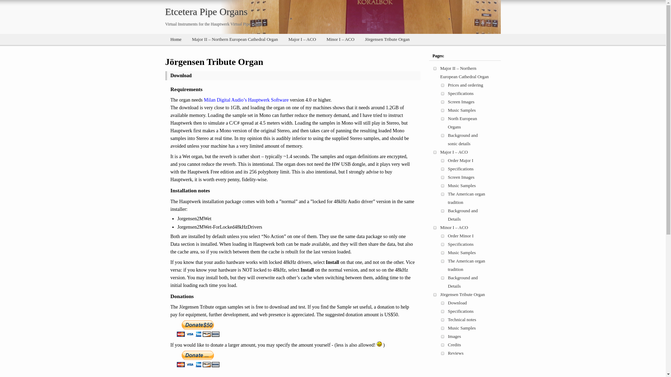  Describe the element at coordinates (463, 214) in the screenshot. I see `'Background and Details'` at that location.